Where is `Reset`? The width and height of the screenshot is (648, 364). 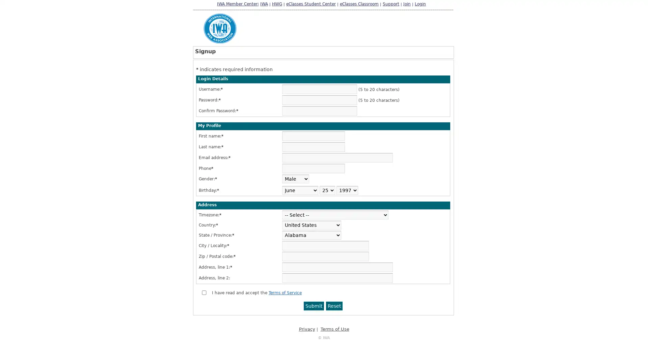
Reset is located at coordinates (334, 306).